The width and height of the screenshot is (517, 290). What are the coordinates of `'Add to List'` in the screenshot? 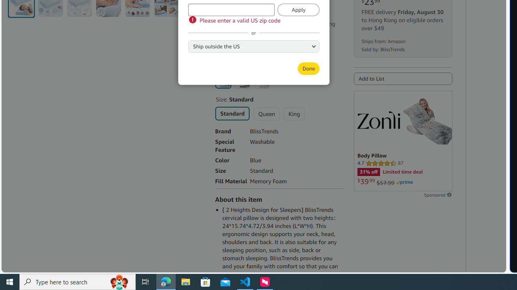 It's located at (403, 79).